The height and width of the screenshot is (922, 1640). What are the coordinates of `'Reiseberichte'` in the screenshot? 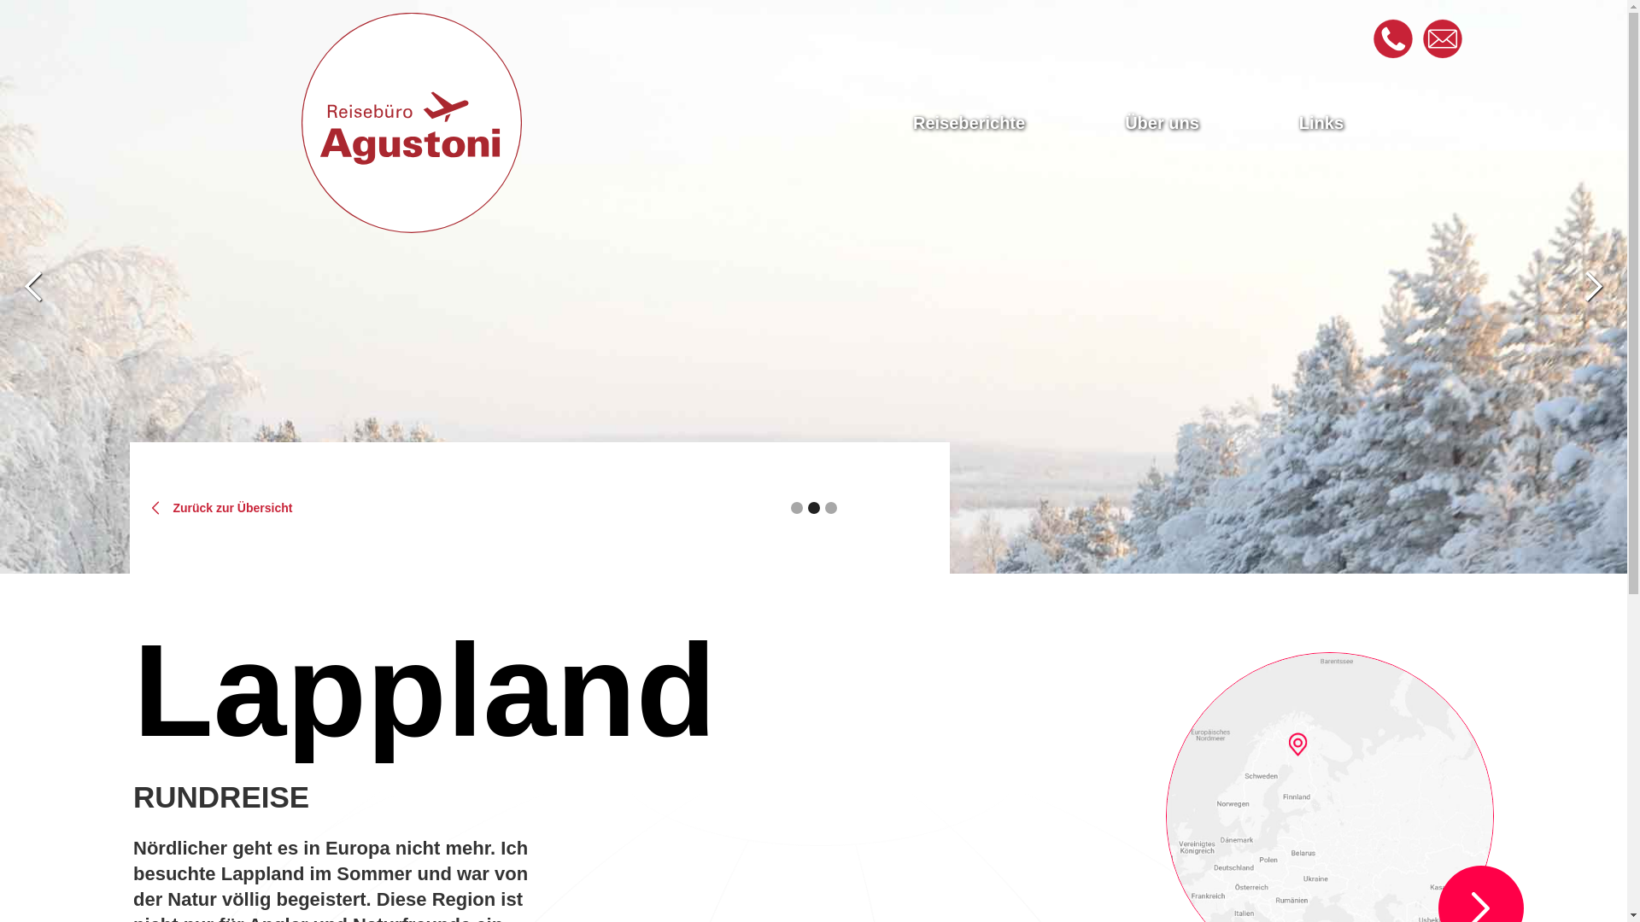 It's located at (969, 121).